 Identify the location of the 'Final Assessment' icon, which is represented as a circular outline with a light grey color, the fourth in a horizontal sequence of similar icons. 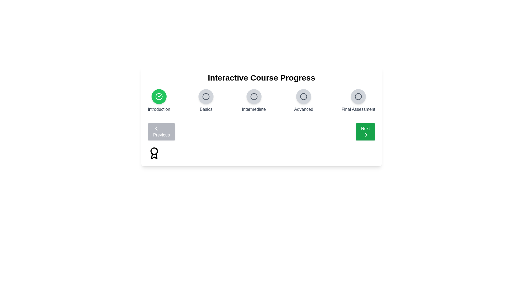
(358, 97).